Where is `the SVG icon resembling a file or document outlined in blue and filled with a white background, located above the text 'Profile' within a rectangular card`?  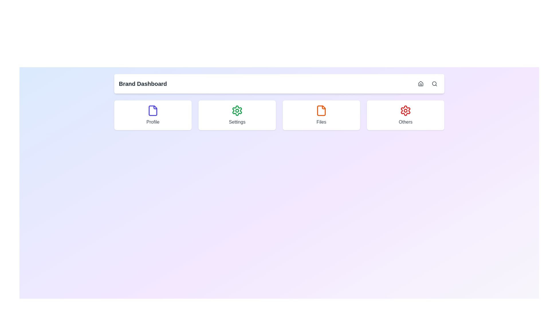
the SVG icon resembling a file or document outlined in blue and filled with a white background, located above the text 'Profile' within a rectangular card is located at coordinates (153, 110).